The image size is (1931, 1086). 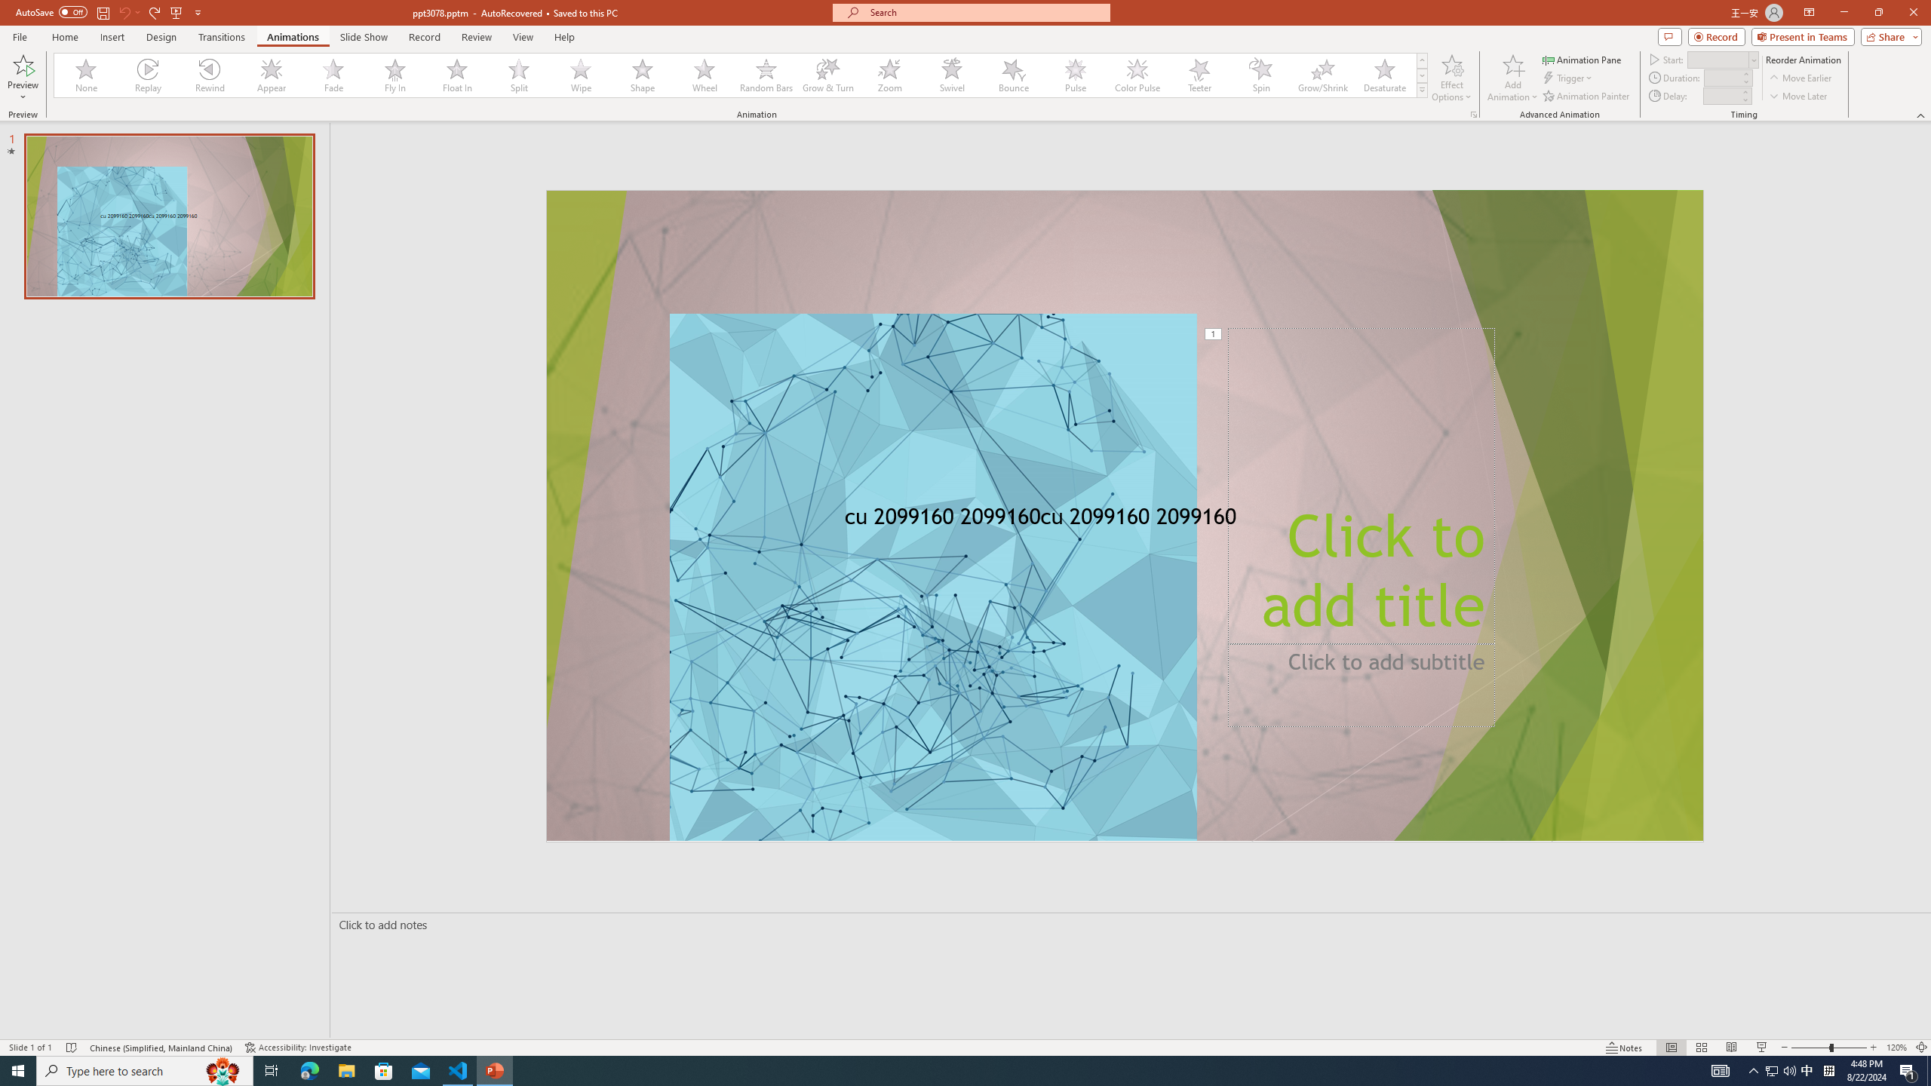 What do you see at coordinates (766, 75) in the screenshot?
I see `'Random Bars'` at bounding box center [766, 75].